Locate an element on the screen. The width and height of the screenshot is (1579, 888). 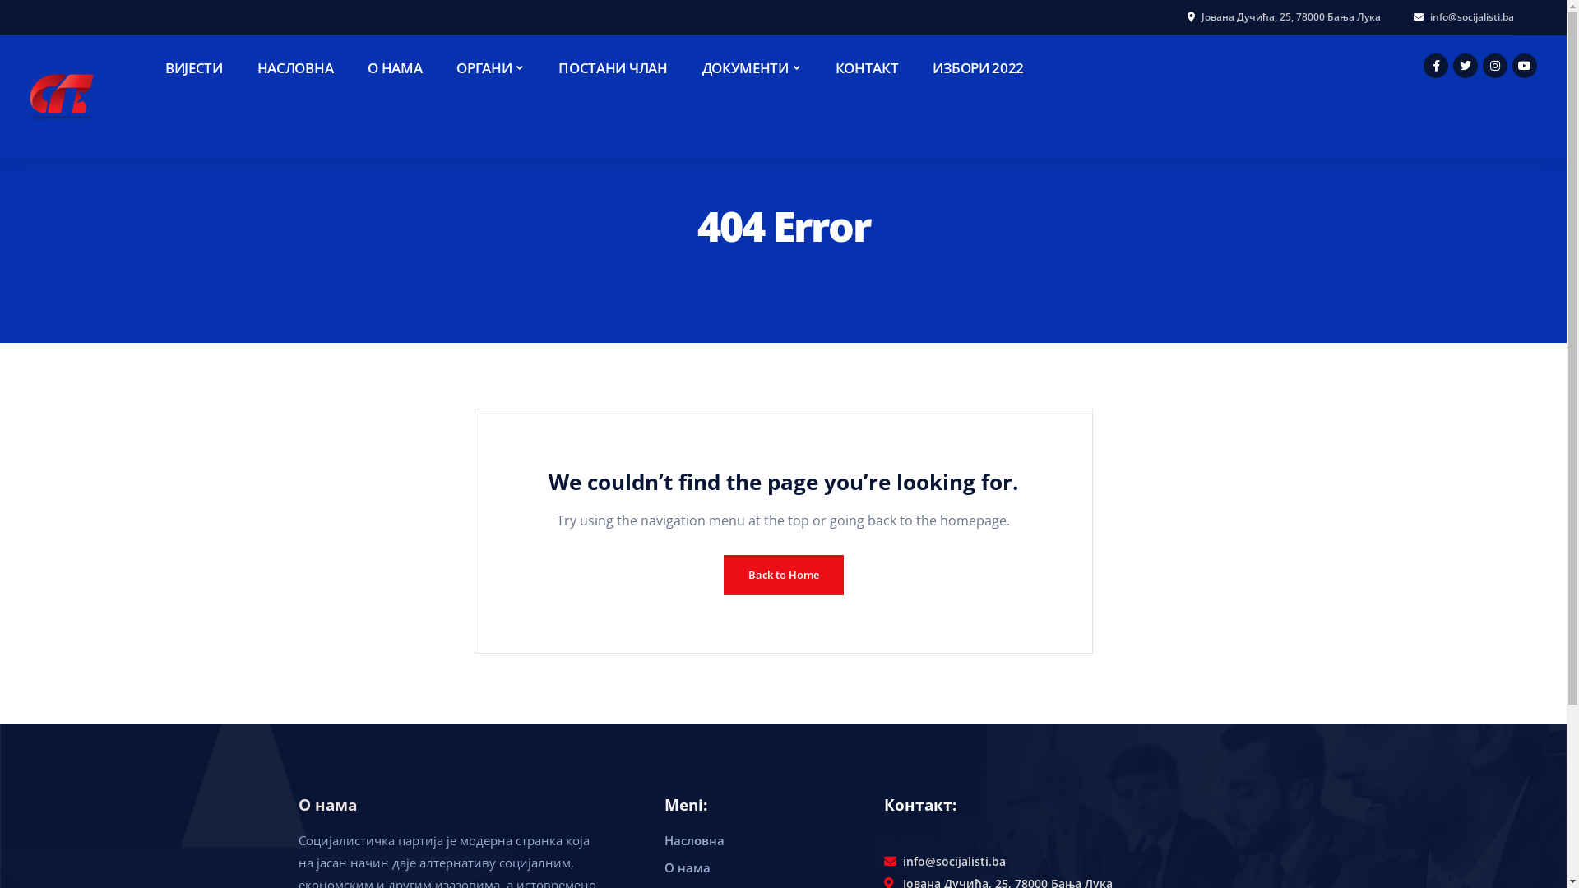
'Twitter' is located at coordinates (1465, 65).